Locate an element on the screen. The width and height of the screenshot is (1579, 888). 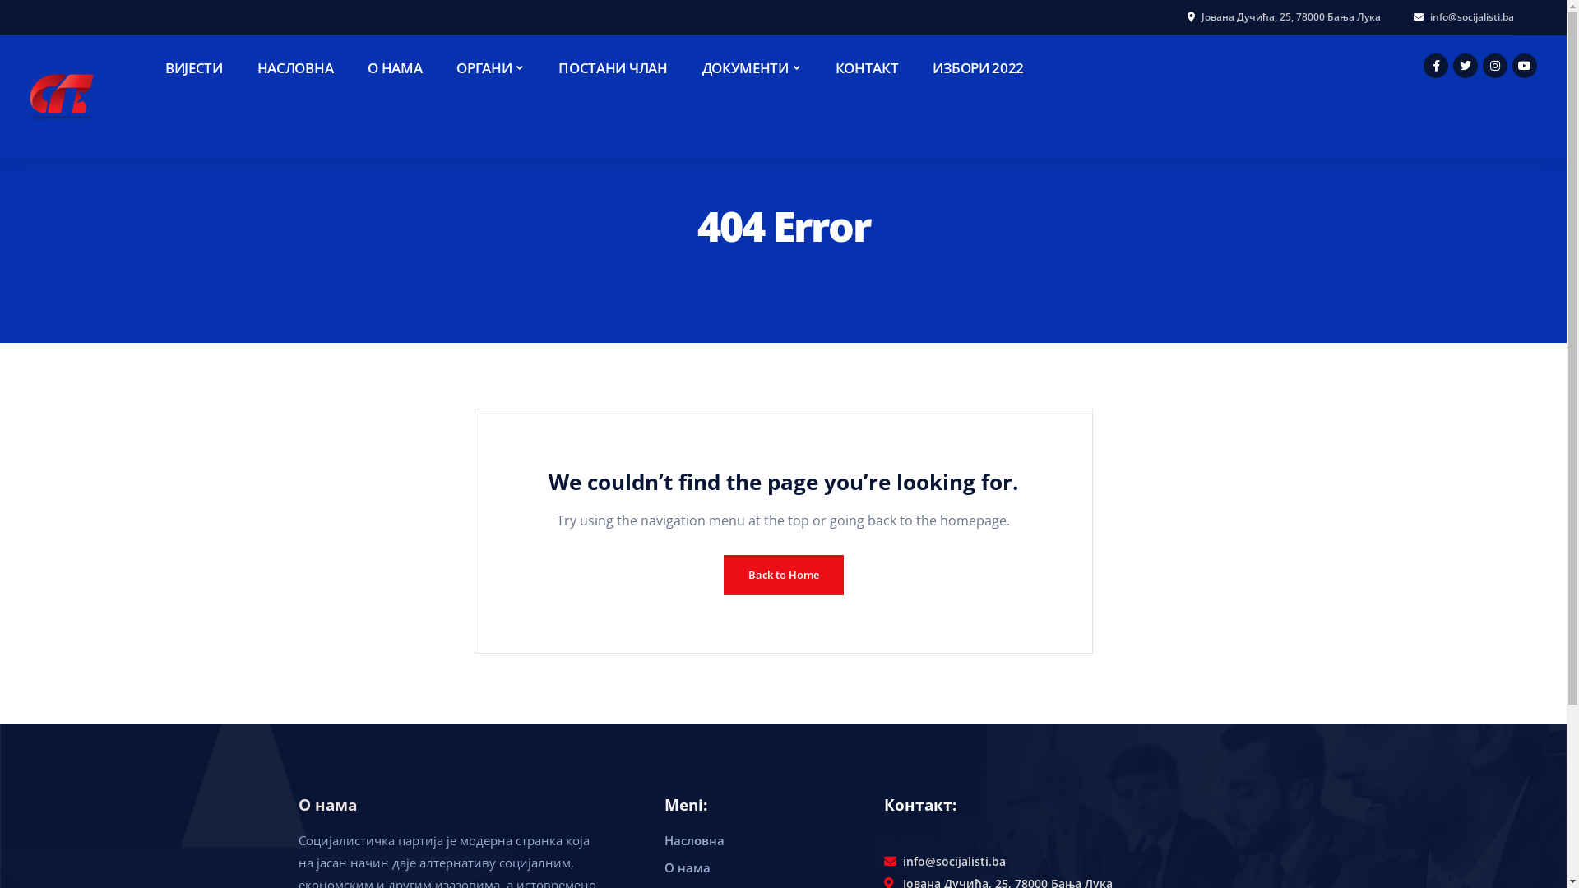
'Twitter' is located at coordinates (1465, 65).